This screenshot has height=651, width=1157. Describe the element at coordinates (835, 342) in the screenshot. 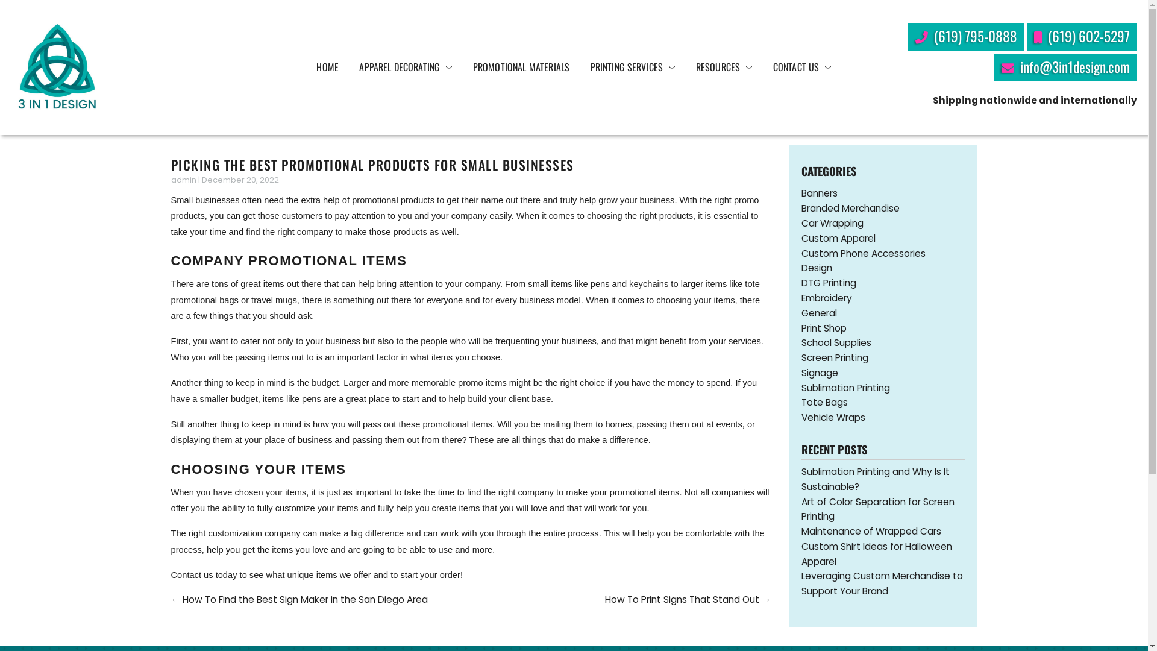

I see `'School Supplies'` at that location.